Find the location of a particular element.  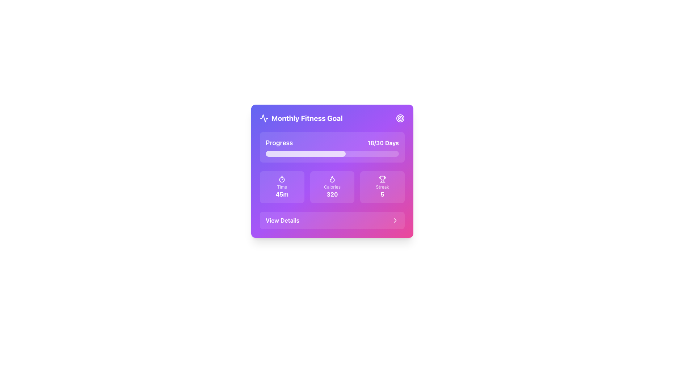

the 'Calories' text label, which is styled in small white font and slightly transparent, located at the upper part of a card with a light purple background is located at coordinates (332, 186).